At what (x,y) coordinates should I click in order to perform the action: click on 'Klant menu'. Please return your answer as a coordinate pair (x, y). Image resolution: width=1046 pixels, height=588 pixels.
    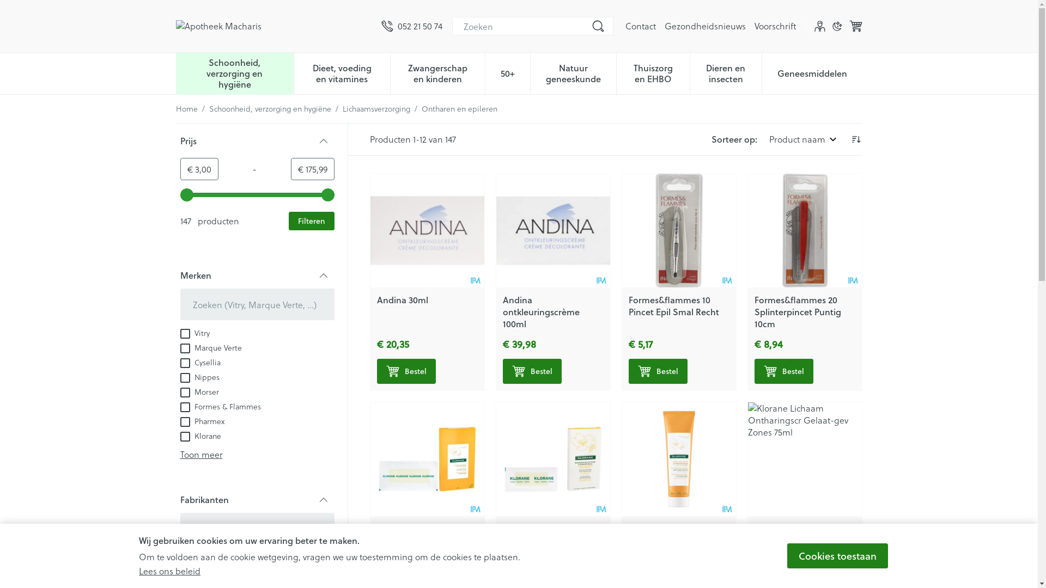
    Looking at the image, I should click on (819, 25).